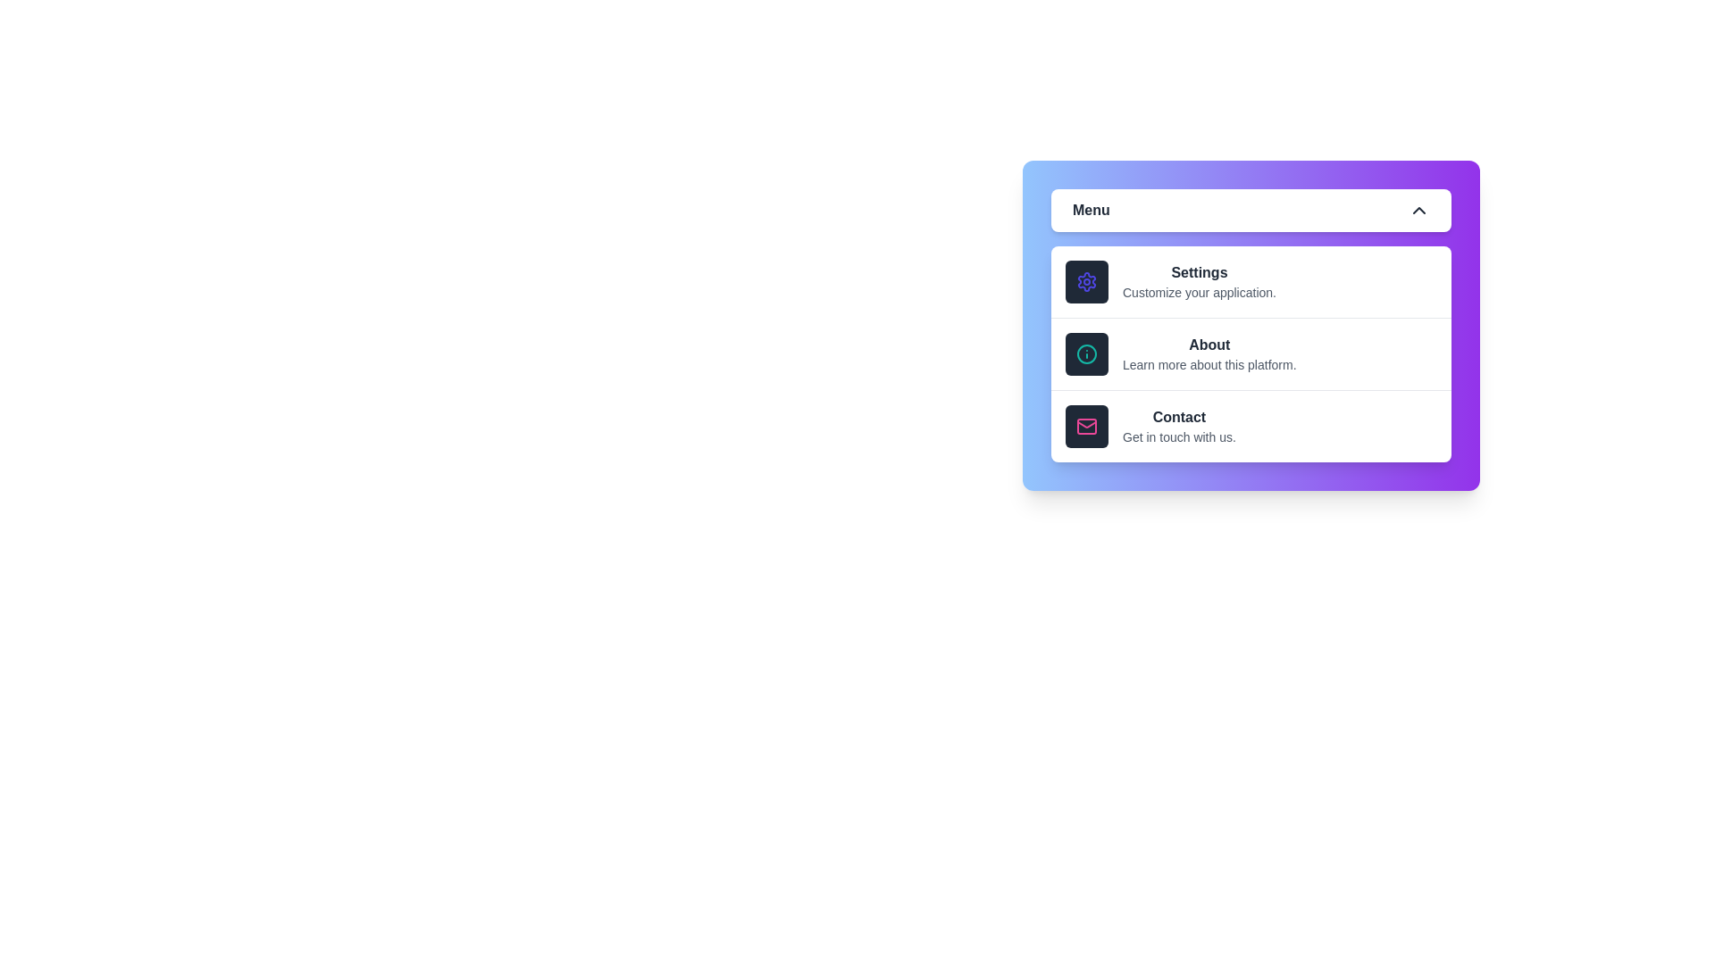 The image size is (1715, 964). I want to click on the 'Contact' option in the menu, so click(1251, 426).